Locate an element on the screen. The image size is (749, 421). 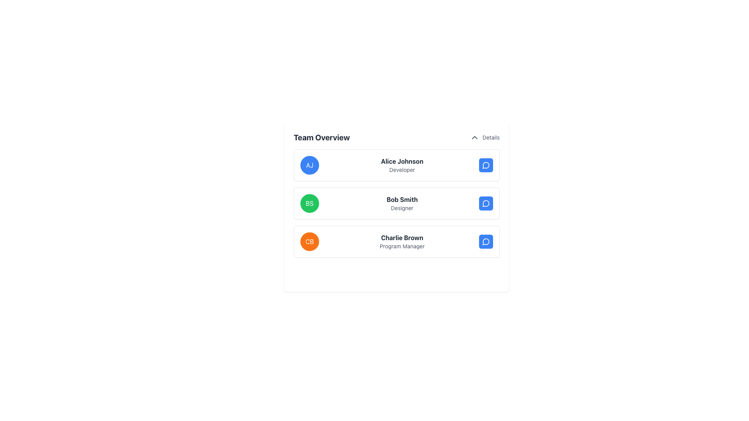
the circular chat/message icon with a blue background and a white outline, located in the top-right corner of the row labeled 'Alice Johnson Developer' is located at coordinates (486, 165).